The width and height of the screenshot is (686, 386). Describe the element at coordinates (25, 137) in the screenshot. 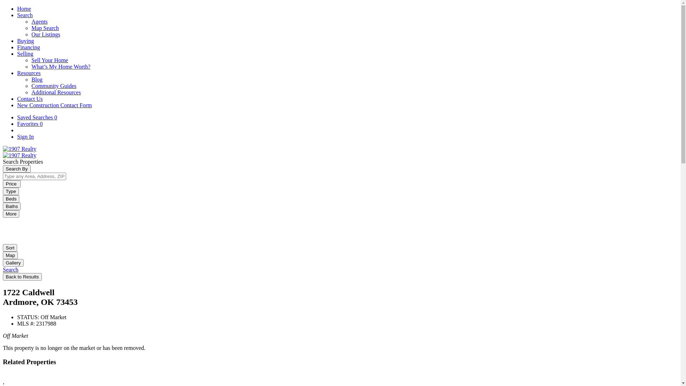

I see `'Sign In'` at that location.